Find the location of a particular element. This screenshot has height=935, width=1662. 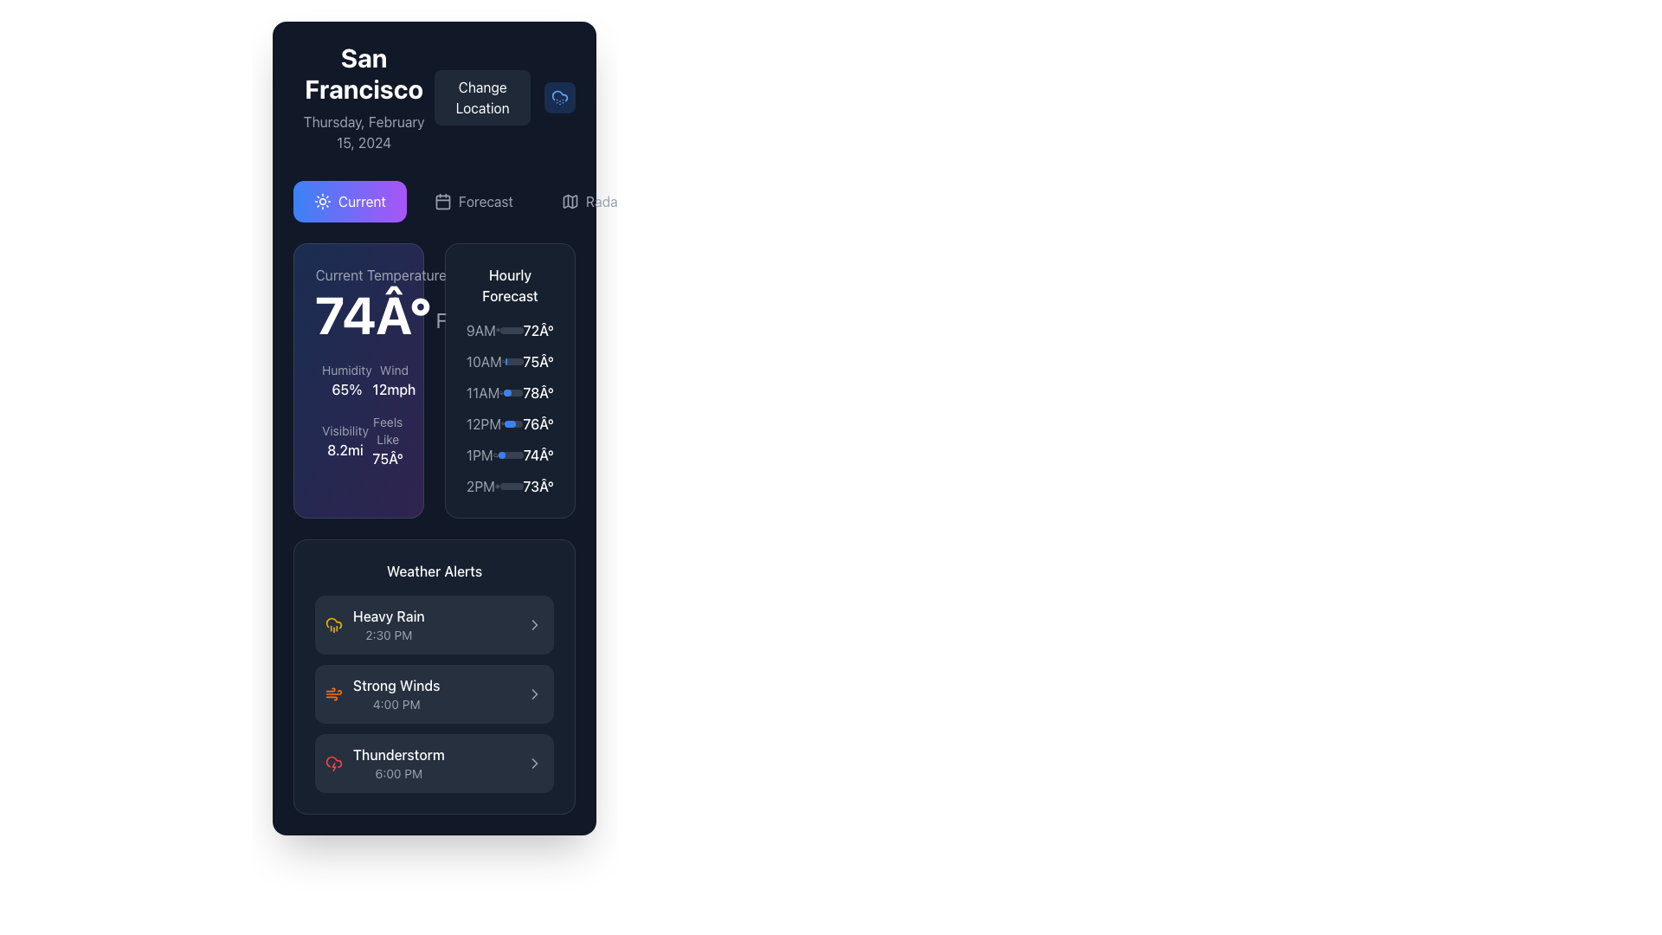

the 'Forecast' navigation button to observe visual feedback, which is styled with a clean font and accompanied by a calendar icon on its left, located in the upper-middle section of the interface is located at coordinates (485, 200).